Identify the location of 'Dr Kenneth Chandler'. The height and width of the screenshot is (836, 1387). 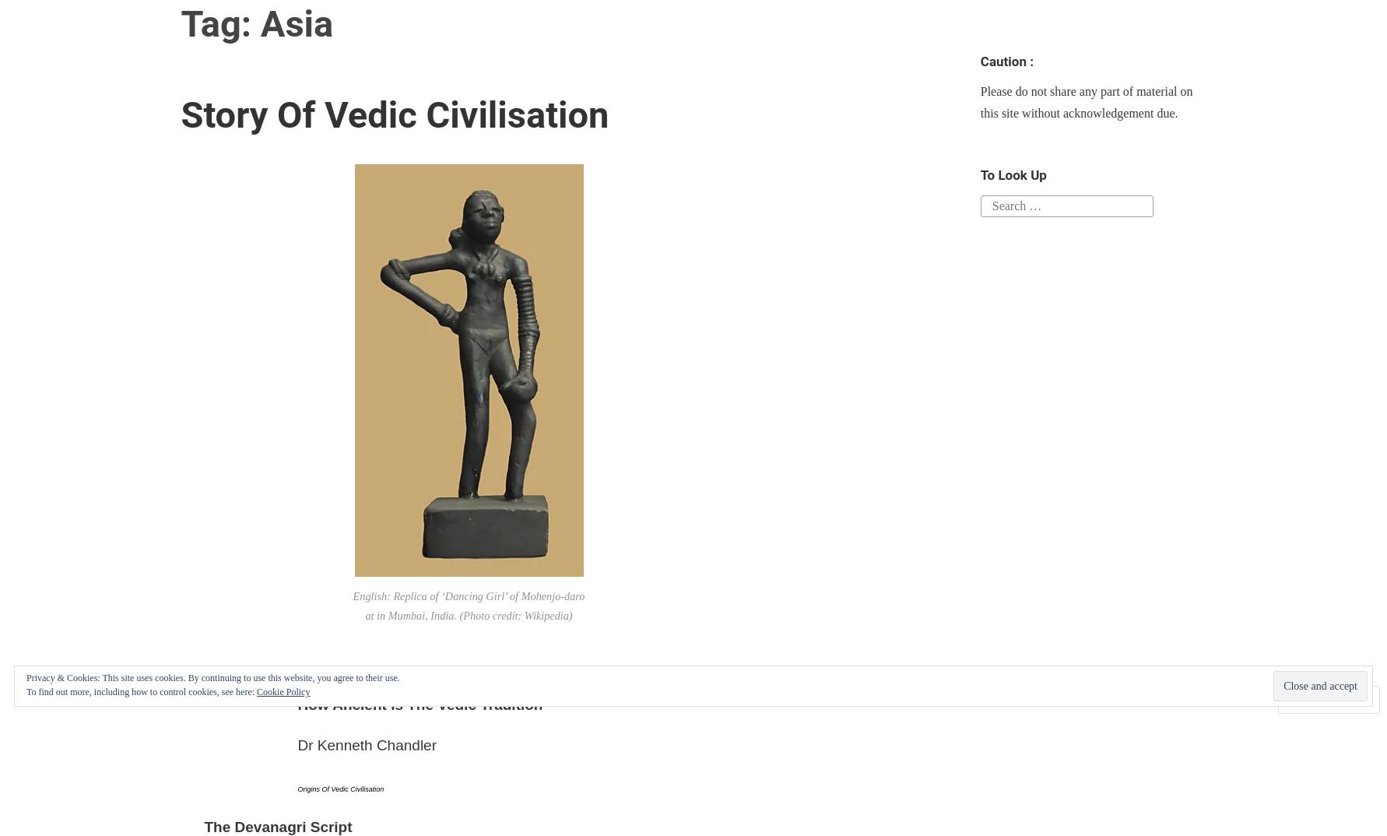
(366, 745).